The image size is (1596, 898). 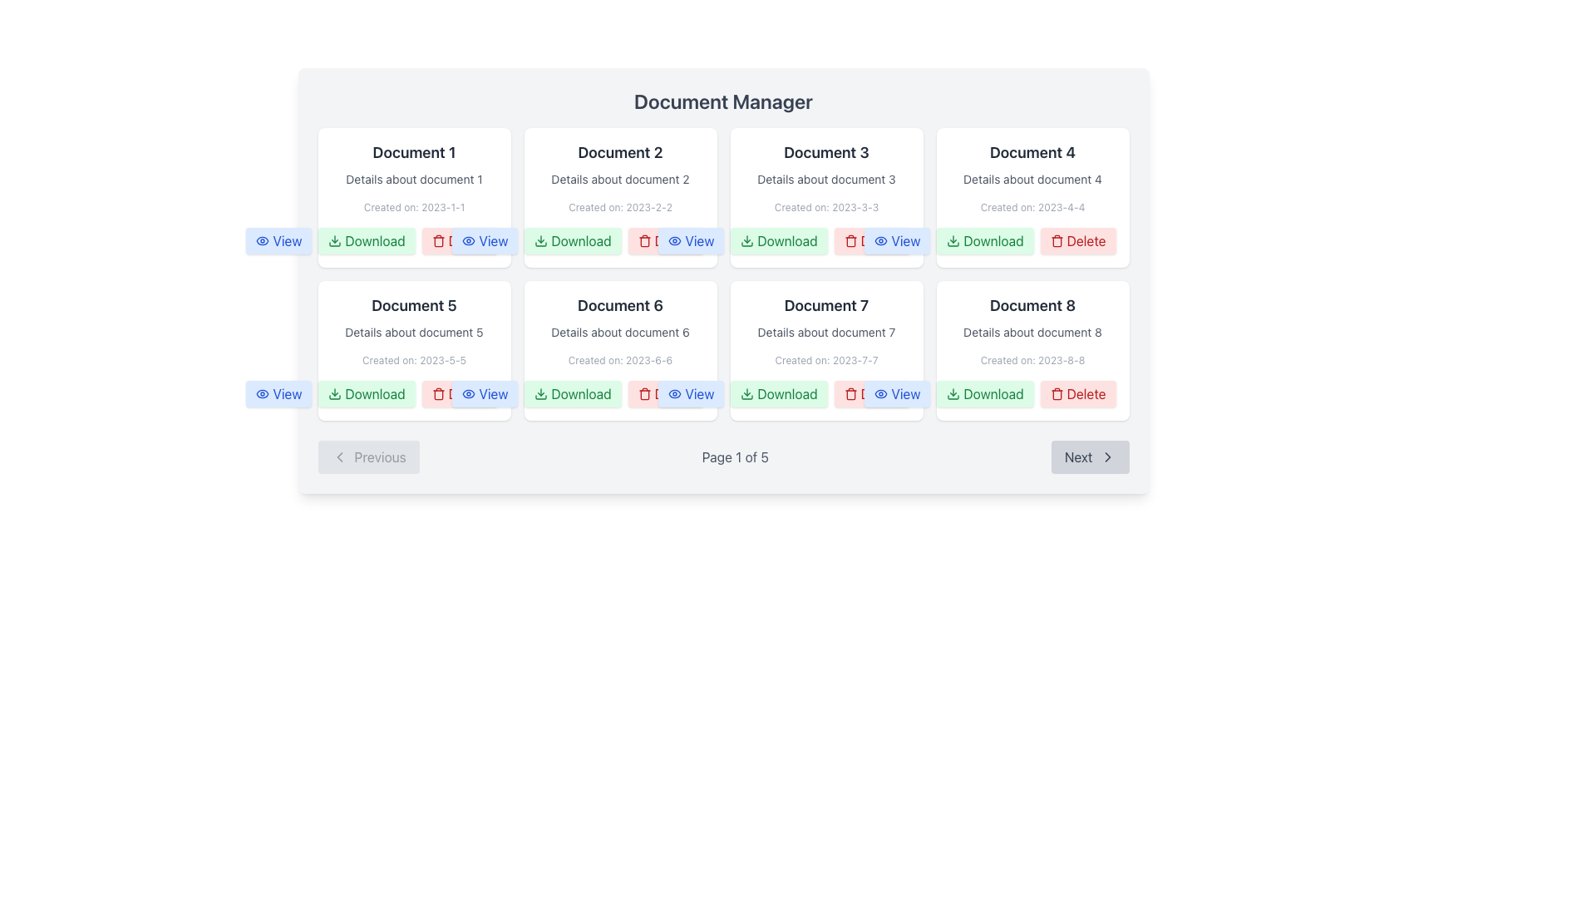 I want to click on the eye-shaped icon located in the top-center portion of the 'View' button in the documents grid, adjacent to the text label 'View', so click(x=468, y=240).